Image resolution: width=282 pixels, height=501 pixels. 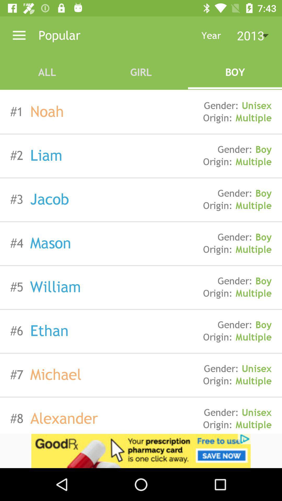 I want to click on advertisement page, so click(x=141, y=451).